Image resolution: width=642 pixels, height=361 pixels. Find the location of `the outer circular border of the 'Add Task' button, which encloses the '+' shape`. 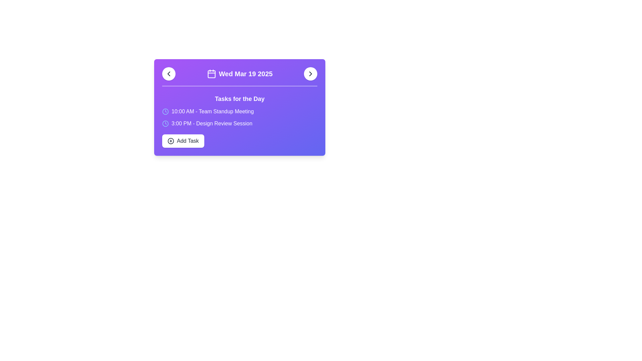

the outer circular border of the 'Add Task' button, which encloses the '+' shape is located at coordinates (171, 140).